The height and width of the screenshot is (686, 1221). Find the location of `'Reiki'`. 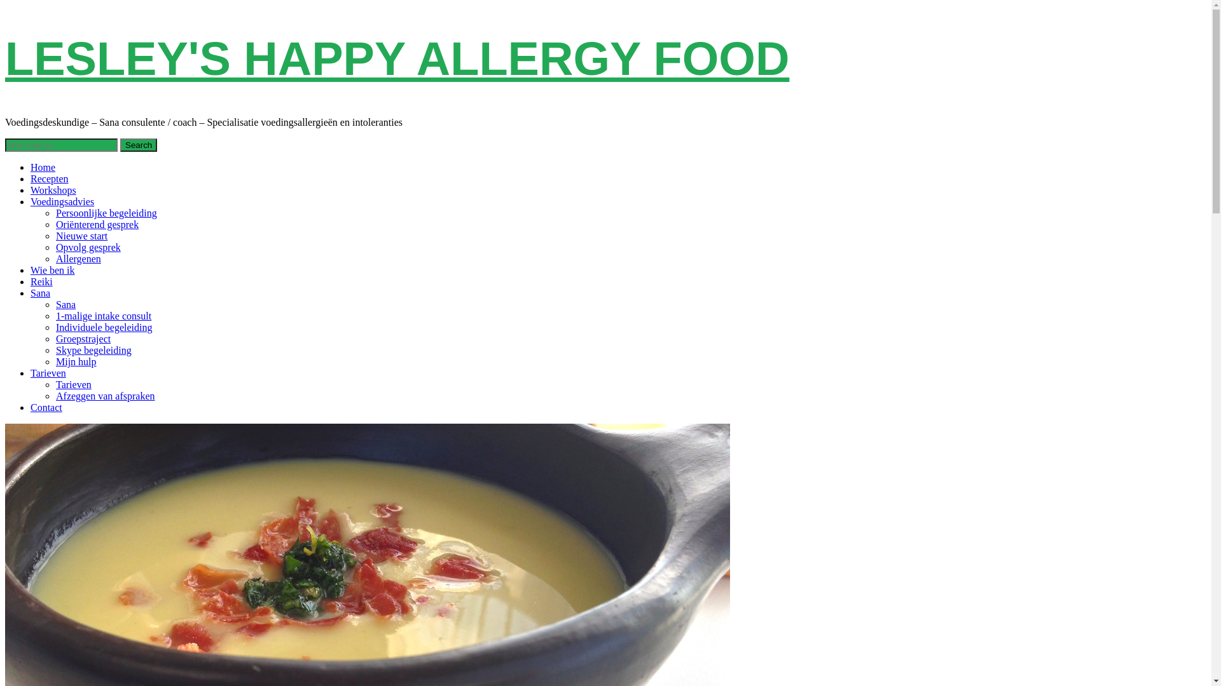

'Reiki' is located at coordinates (41, 281).